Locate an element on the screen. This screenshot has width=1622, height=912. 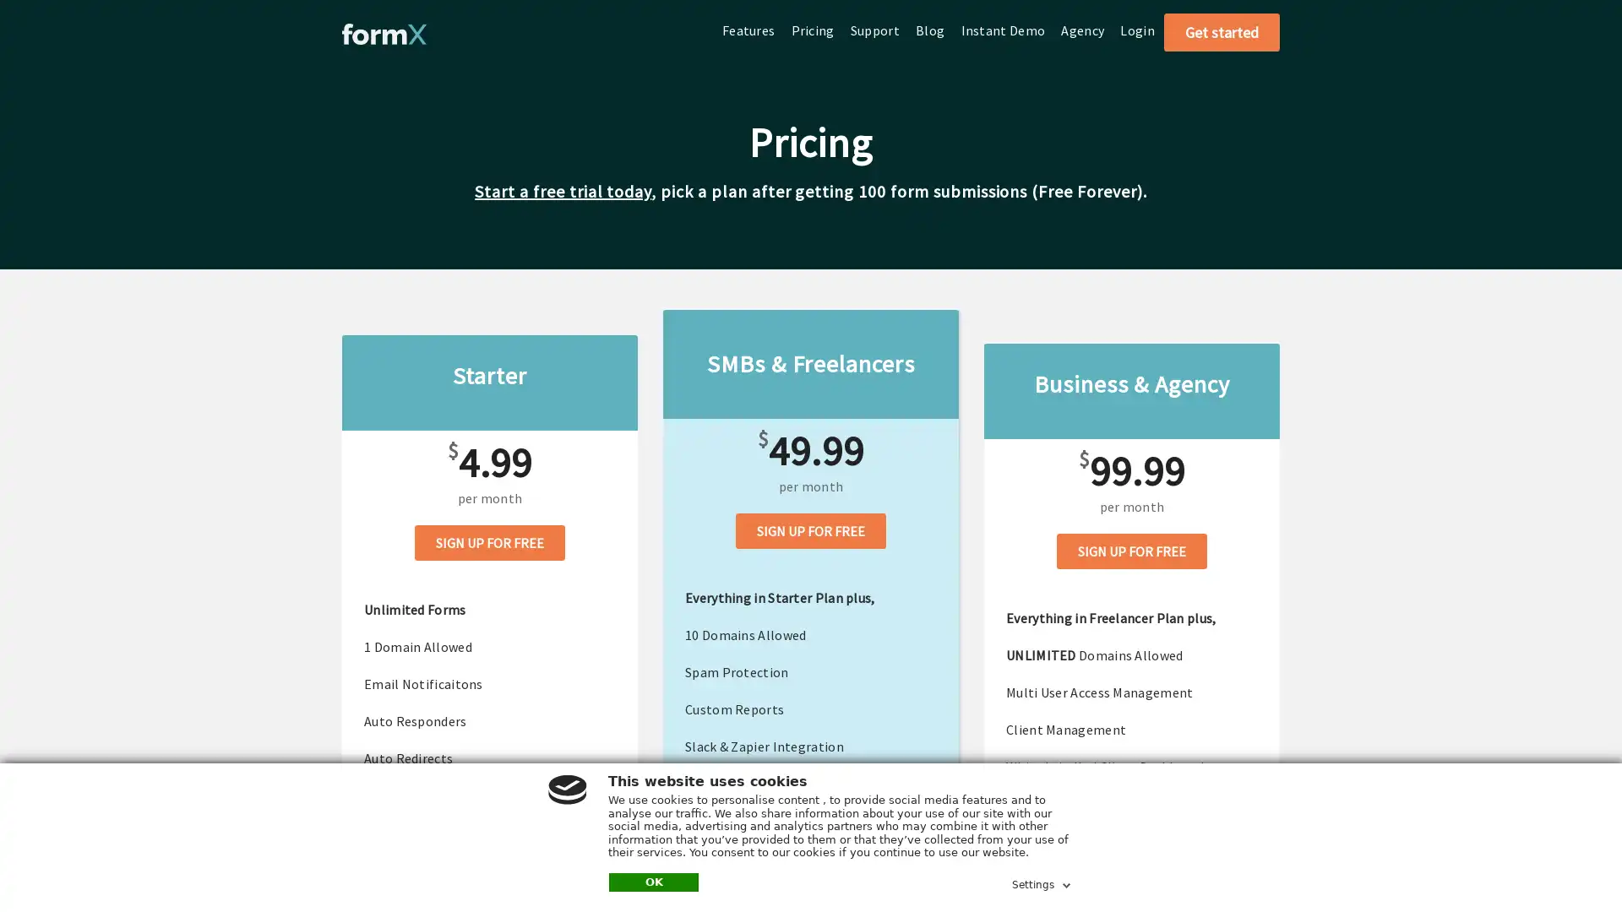
Get started is located at coordinates (1222, 32).